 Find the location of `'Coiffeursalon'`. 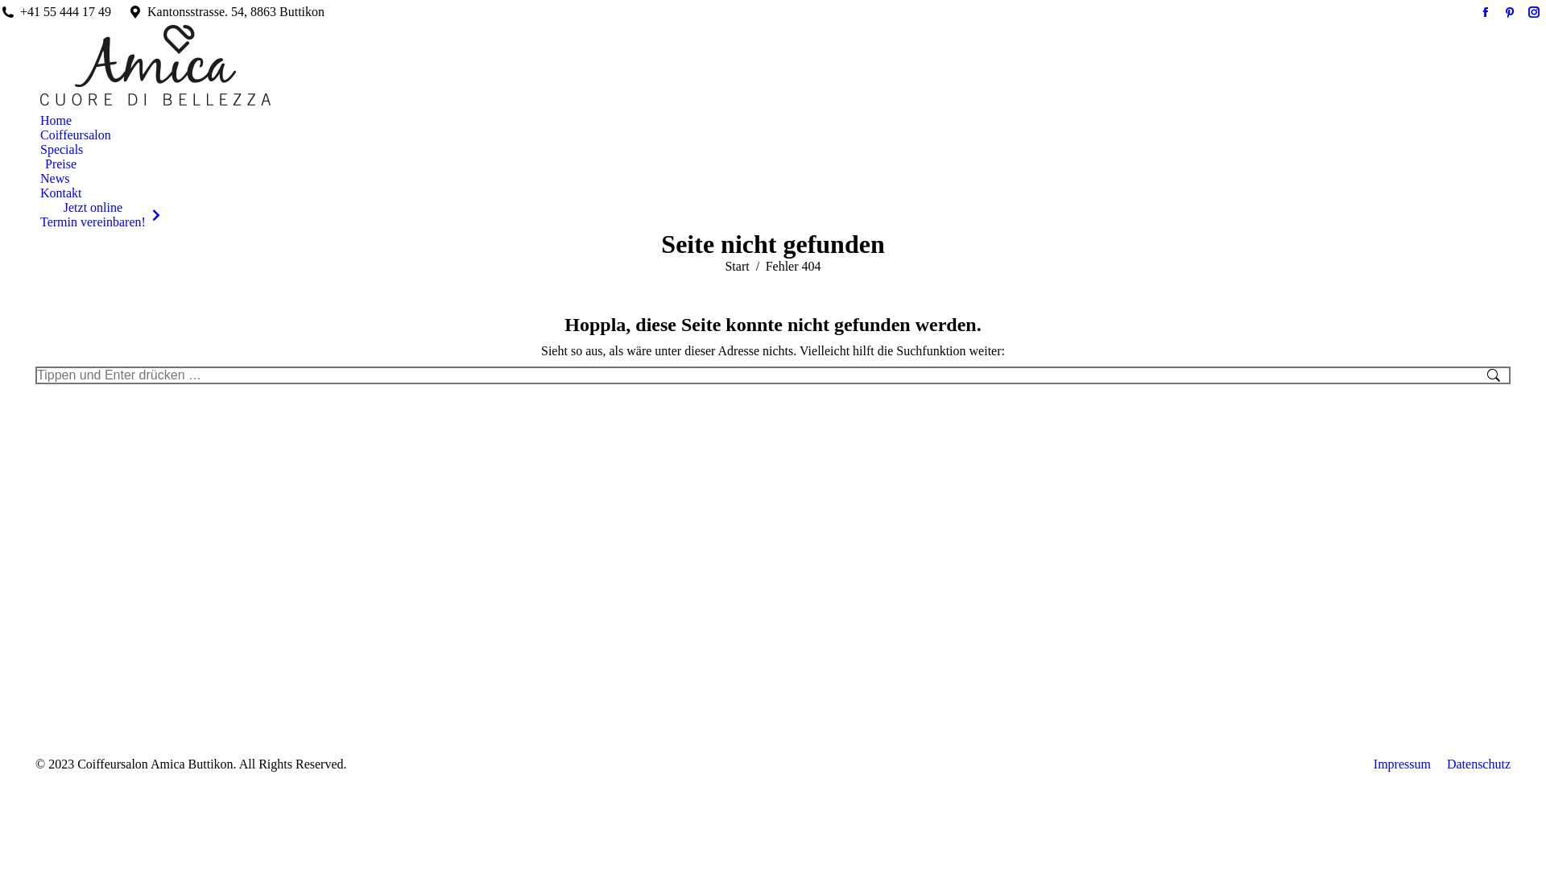

'Coiffeursalon' is located at coordinates (75, 135).